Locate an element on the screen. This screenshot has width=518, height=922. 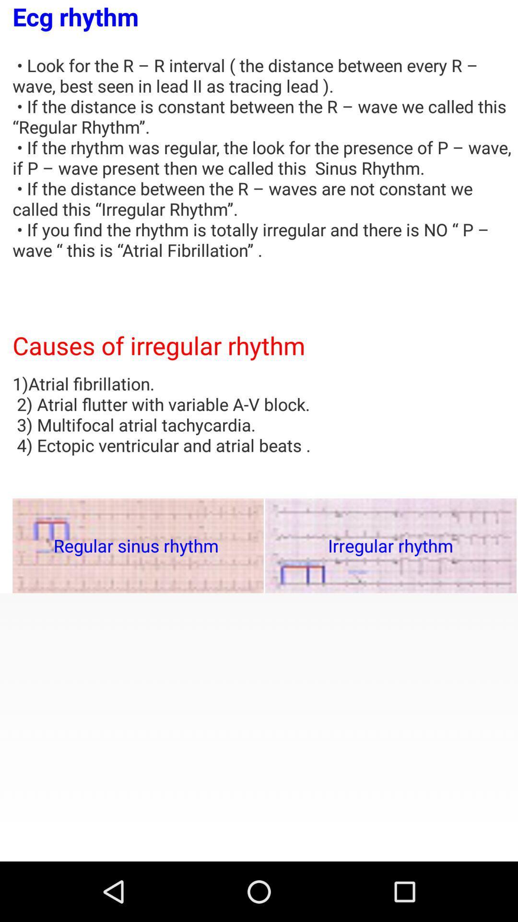
the button next to irregular rhythm button is located at coordinates (138, 546).